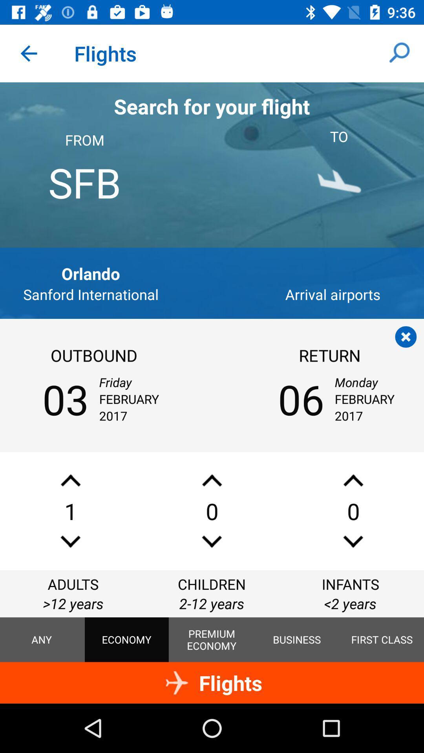  What do you see at coordinates (297, 640) in the screenshot?
I see `the item below the 2-12 years item` at bounding box center [297, 640].